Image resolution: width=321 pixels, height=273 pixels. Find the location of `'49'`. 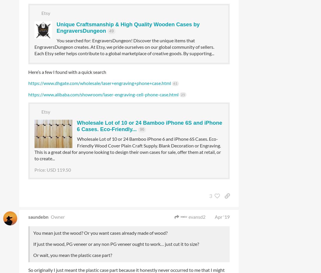

'49' is located at coordinates (111, 30).